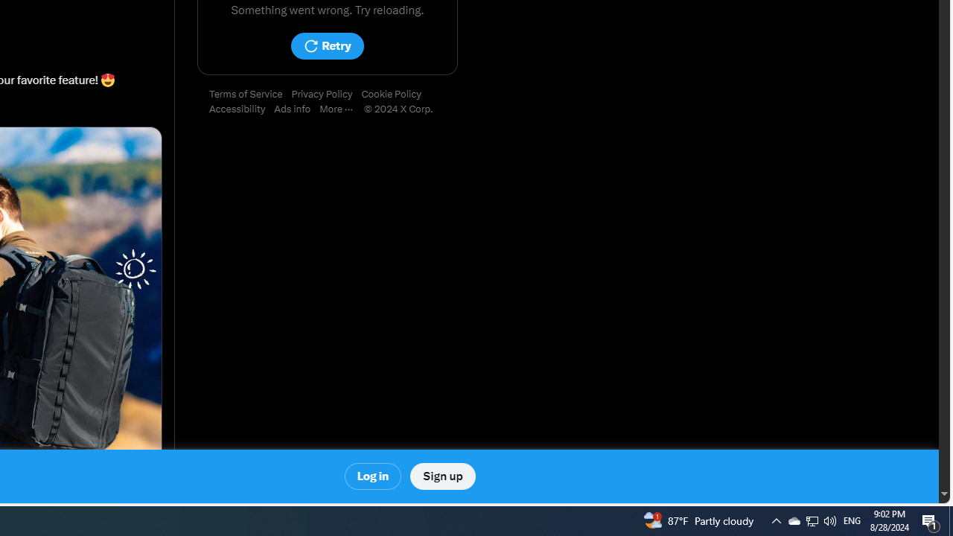  I want to click on 'Log in', so click(373, 476).